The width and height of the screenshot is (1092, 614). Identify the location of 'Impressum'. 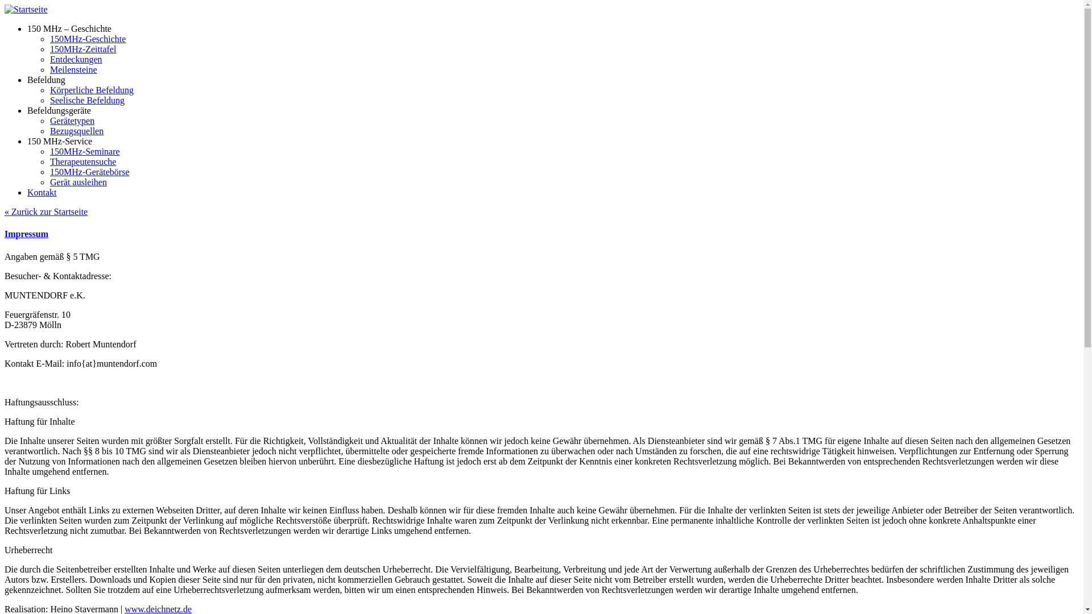
(26, 233).